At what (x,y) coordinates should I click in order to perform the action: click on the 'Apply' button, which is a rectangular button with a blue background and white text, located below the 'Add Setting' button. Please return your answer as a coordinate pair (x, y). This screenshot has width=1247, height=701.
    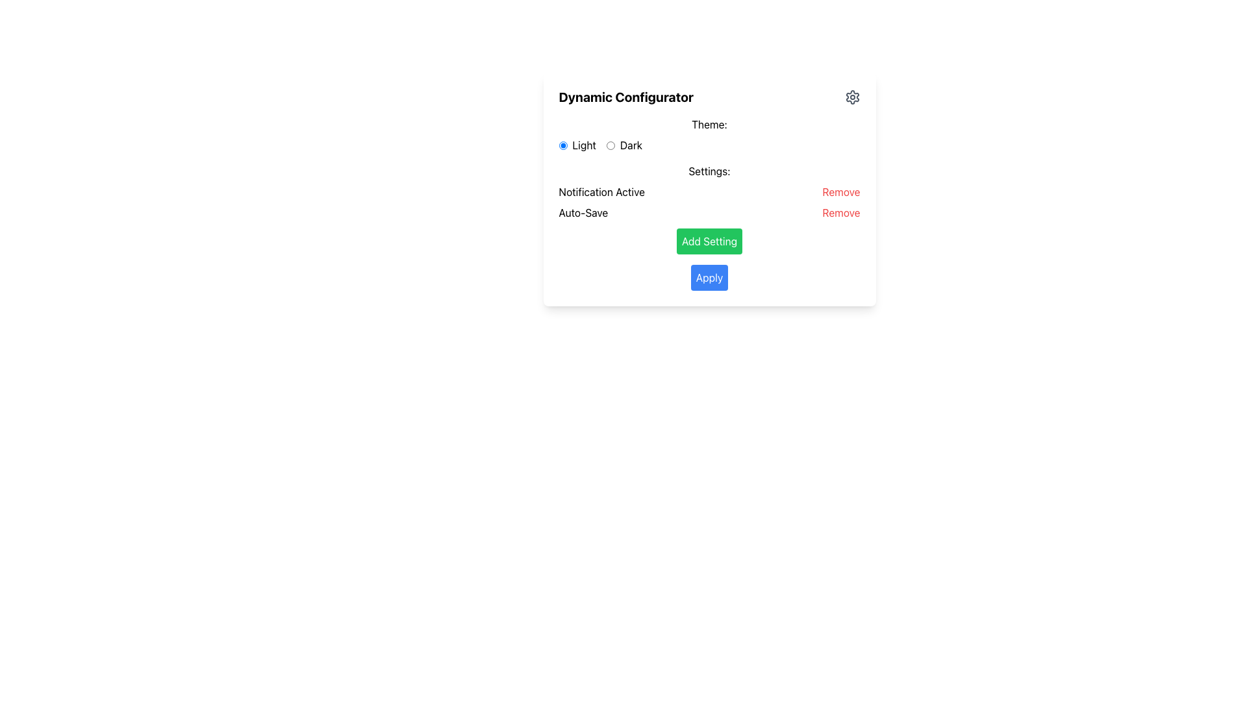
    Looking at the image, I should click on (709, 277).